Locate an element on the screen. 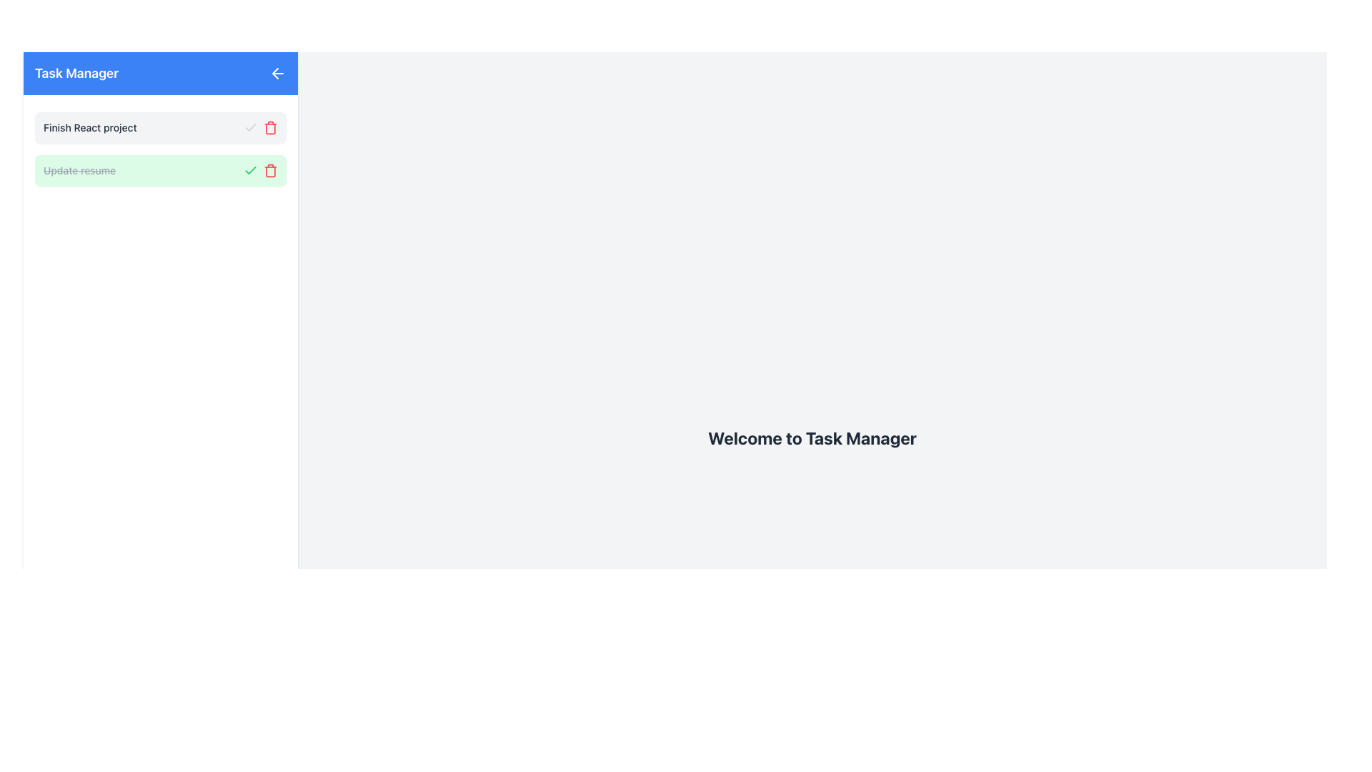 This screenshot has height=772, width=1372. the green check mark icon indicator is located at coordinates (250, 169).